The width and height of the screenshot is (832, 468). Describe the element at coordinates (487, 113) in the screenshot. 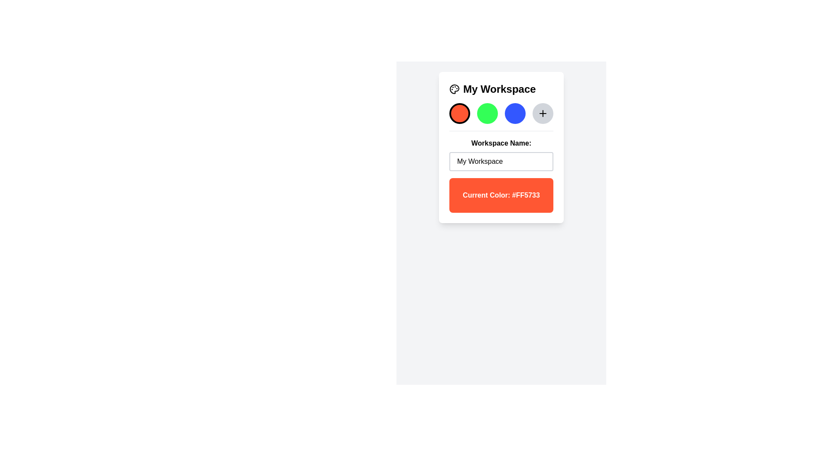

I see `the second circular green button in the row of four buttons aligned horizontally near the top of the interface` at that location.